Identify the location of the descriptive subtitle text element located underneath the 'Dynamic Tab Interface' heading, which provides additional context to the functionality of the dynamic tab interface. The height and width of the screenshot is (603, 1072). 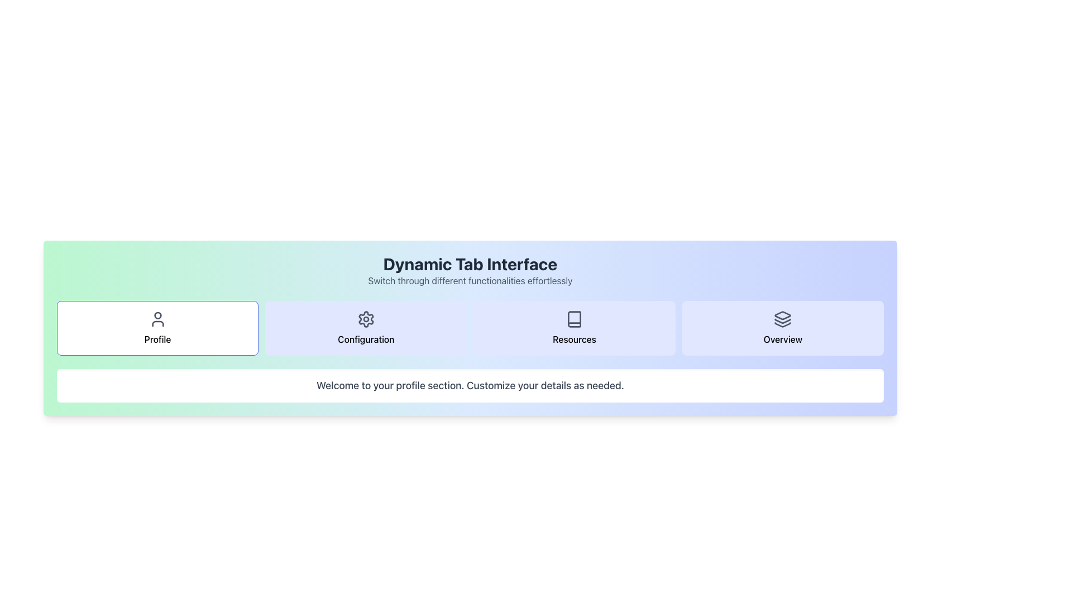
(470, 280).